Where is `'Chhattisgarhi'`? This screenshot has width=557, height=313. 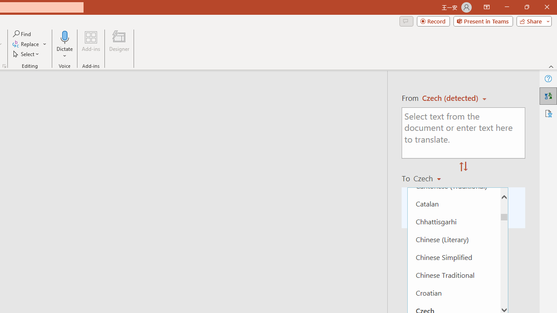
'Chhattisgarhi' is located at coordinates (453, 221).